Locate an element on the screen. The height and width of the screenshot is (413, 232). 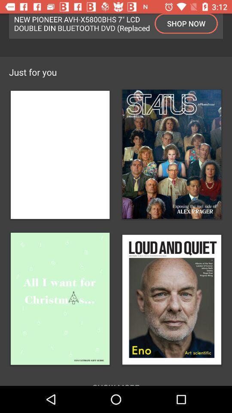
show more item is located at coordinates (116, 378).